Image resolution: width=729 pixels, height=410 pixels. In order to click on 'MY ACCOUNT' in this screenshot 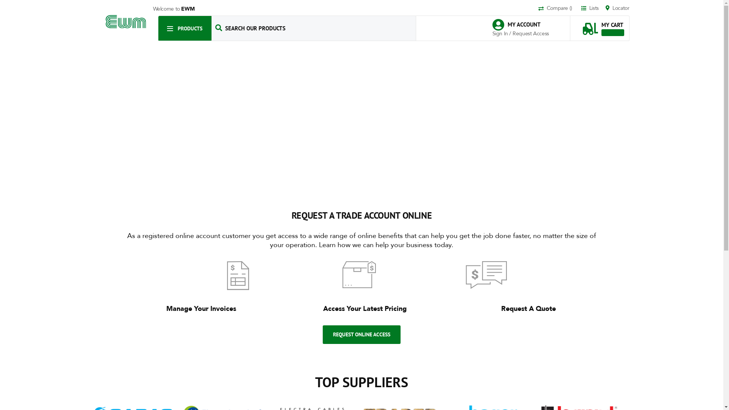, I will do `click(520, 24)`.